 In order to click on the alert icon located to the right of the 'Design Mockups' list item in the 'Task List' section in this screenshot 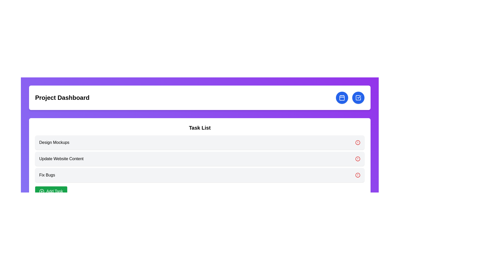, I will do `click(358, 142)`.